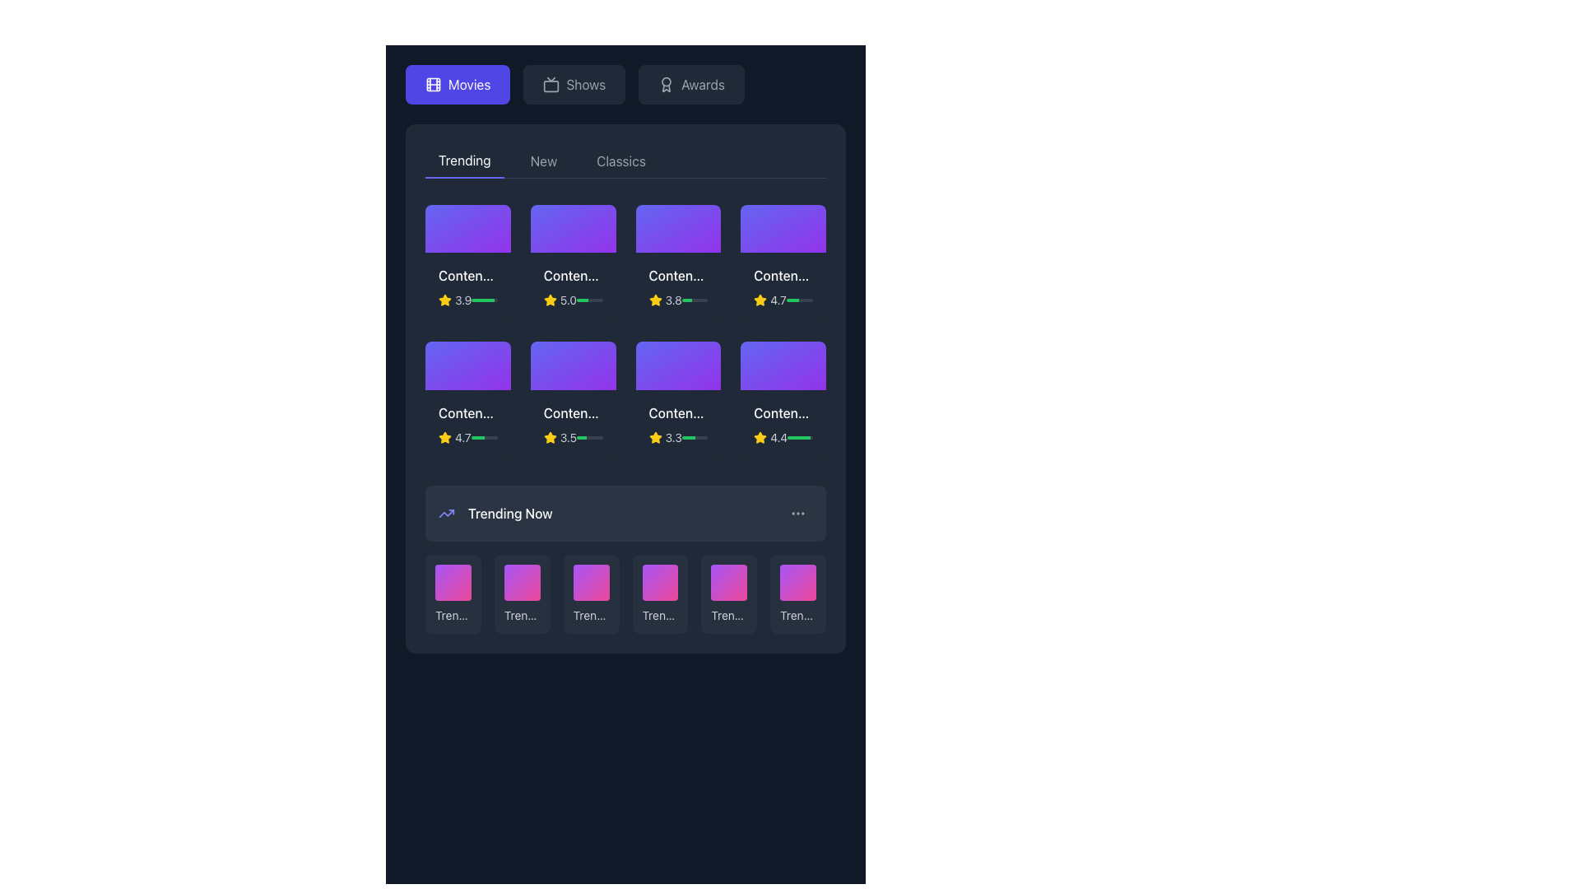 This screenshot has width=1580, height=889. Describe the element at coordinates (678, 400) in the screenshot. I see `the seventh content card located in the second row and third column` at that location.